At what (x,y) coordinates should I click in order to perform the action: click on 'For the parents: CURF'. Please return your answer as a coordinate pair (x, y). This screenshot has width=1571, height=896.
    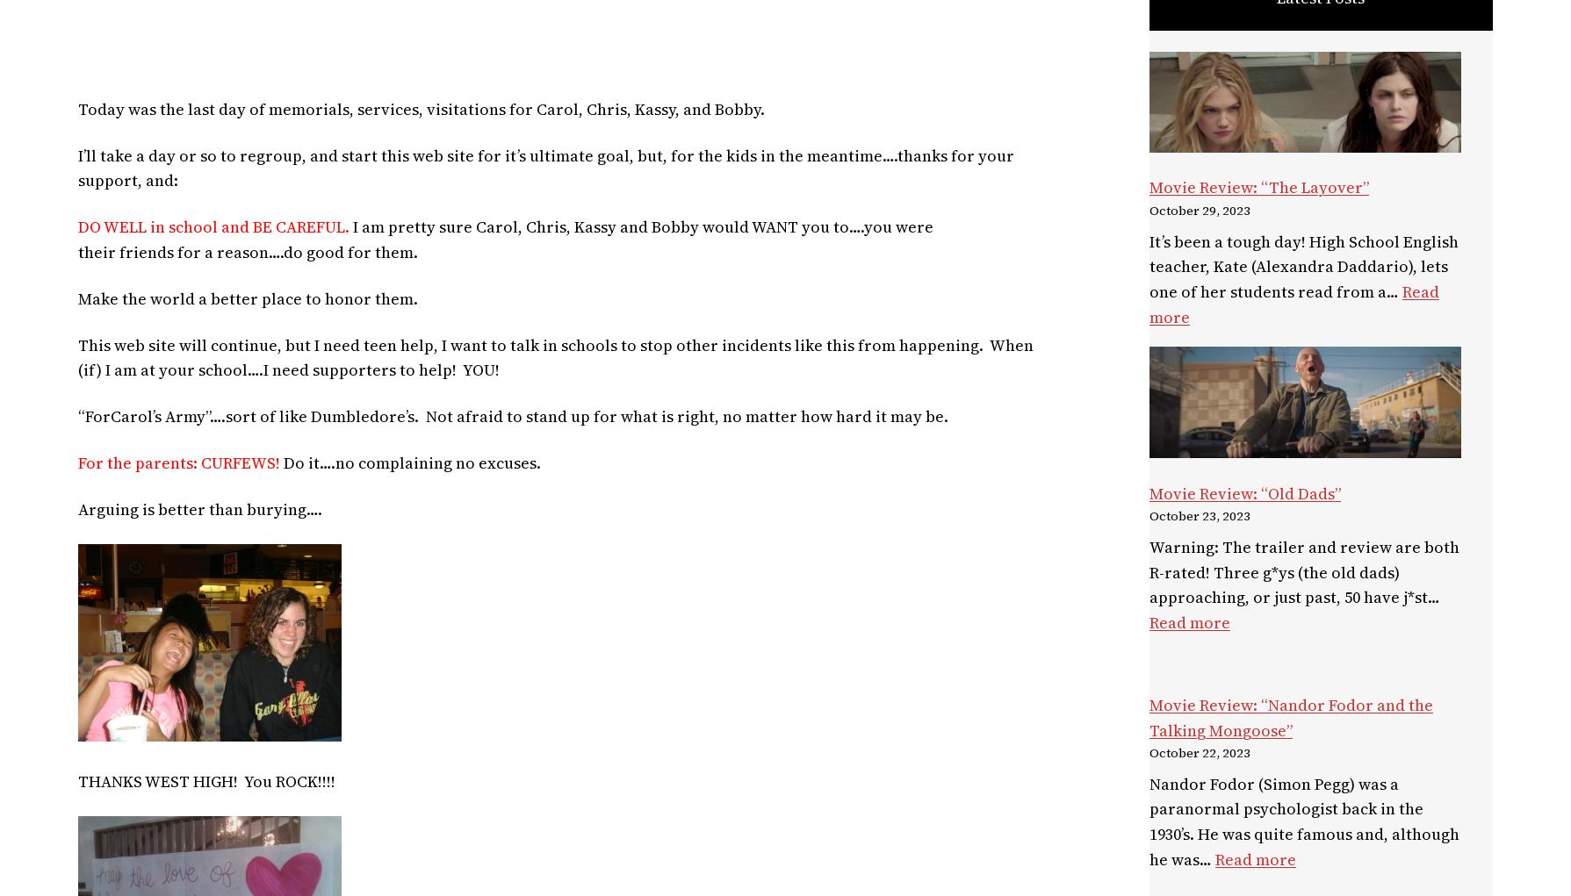
    Looking at the image, I should click on (159, 462).